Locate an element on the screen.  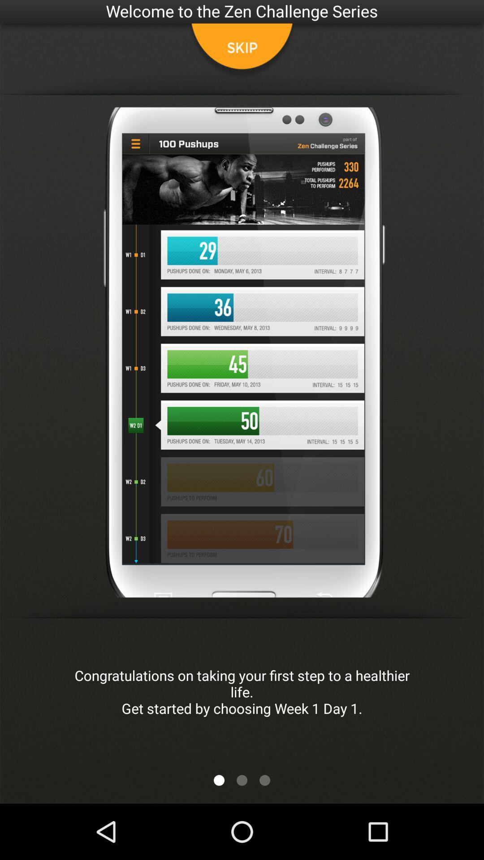
scroll to the next page is located at coordinates (264, 780).